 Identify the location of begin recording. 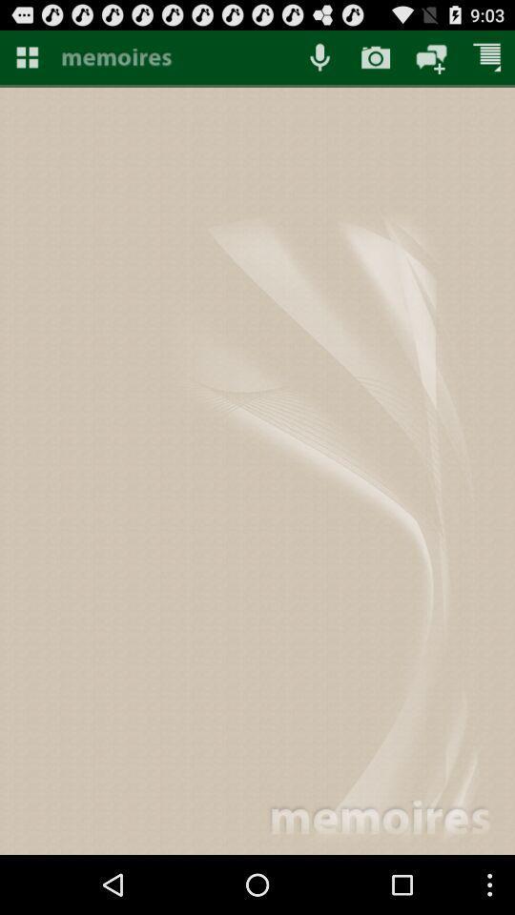
(319, 56).